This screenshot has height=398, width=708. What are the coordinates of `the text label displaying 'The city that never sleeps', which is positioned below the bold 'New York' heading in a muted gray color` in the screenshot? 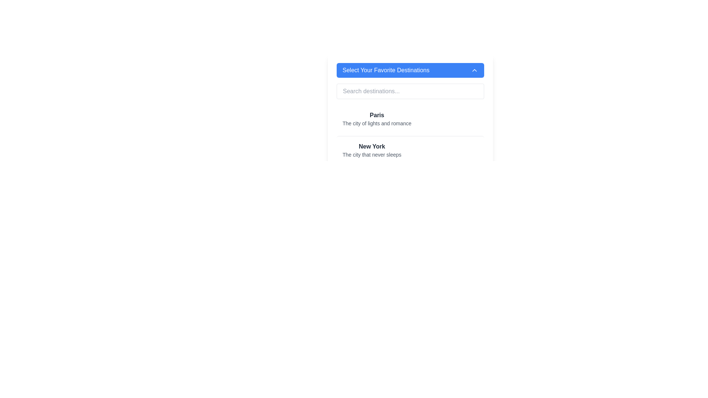 It's located at (372, 154).